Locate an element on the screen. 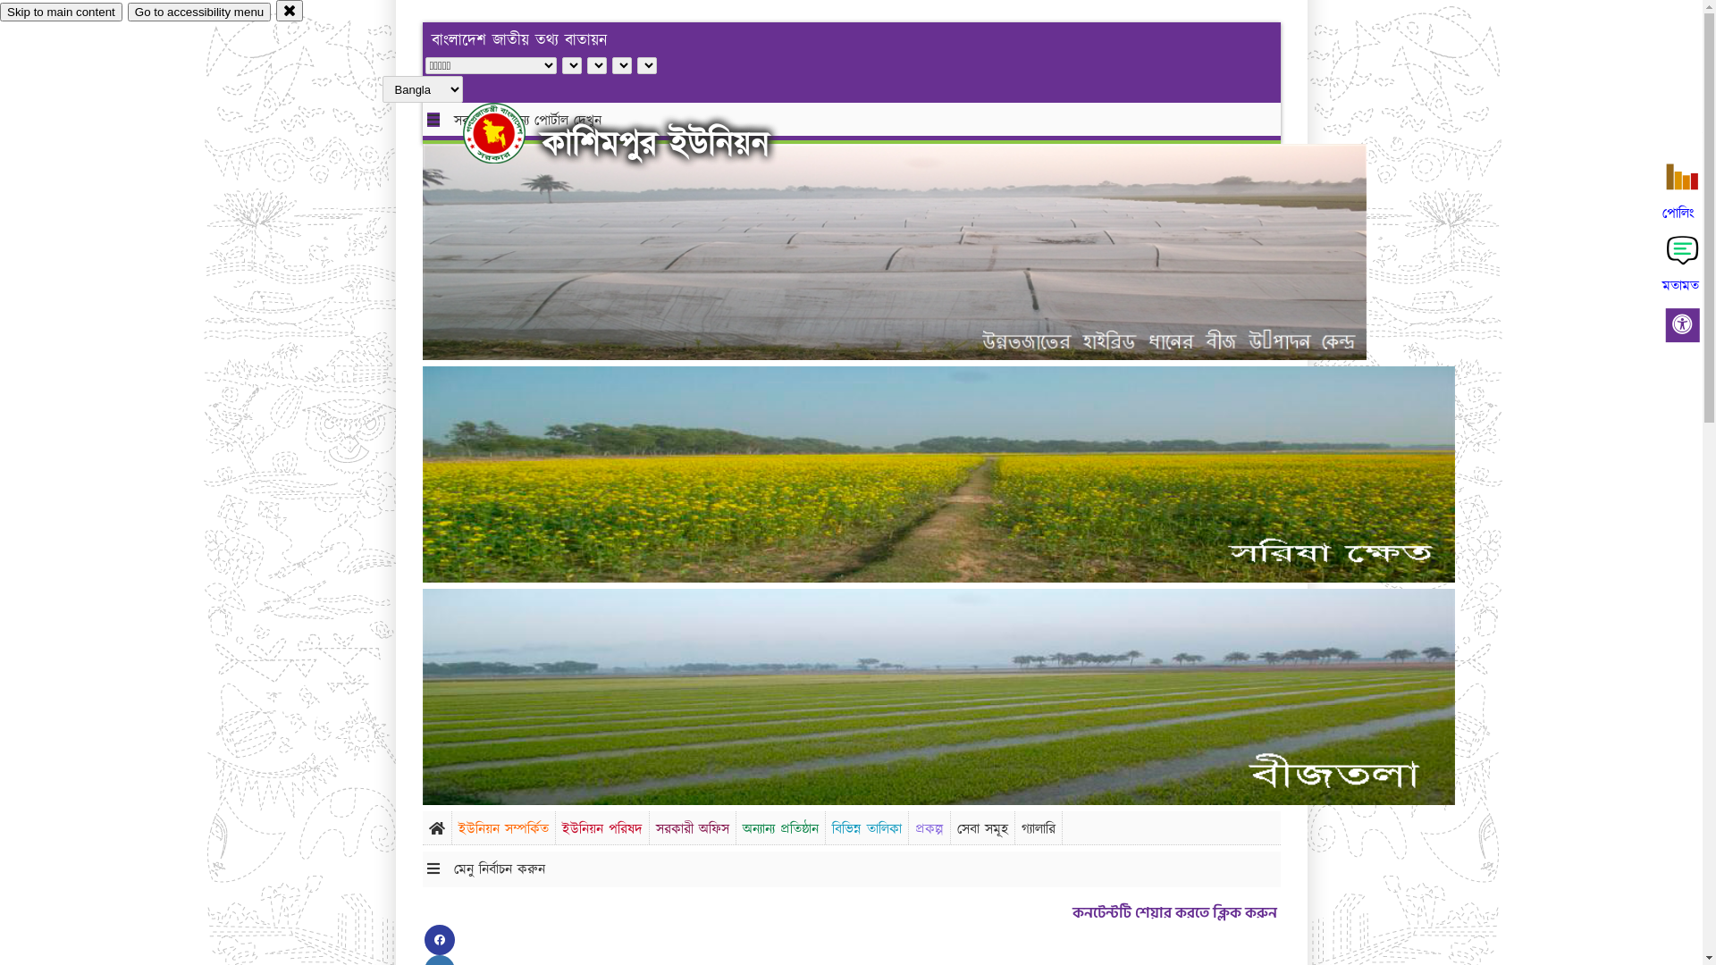  ' is located at coordinates (509, 132).